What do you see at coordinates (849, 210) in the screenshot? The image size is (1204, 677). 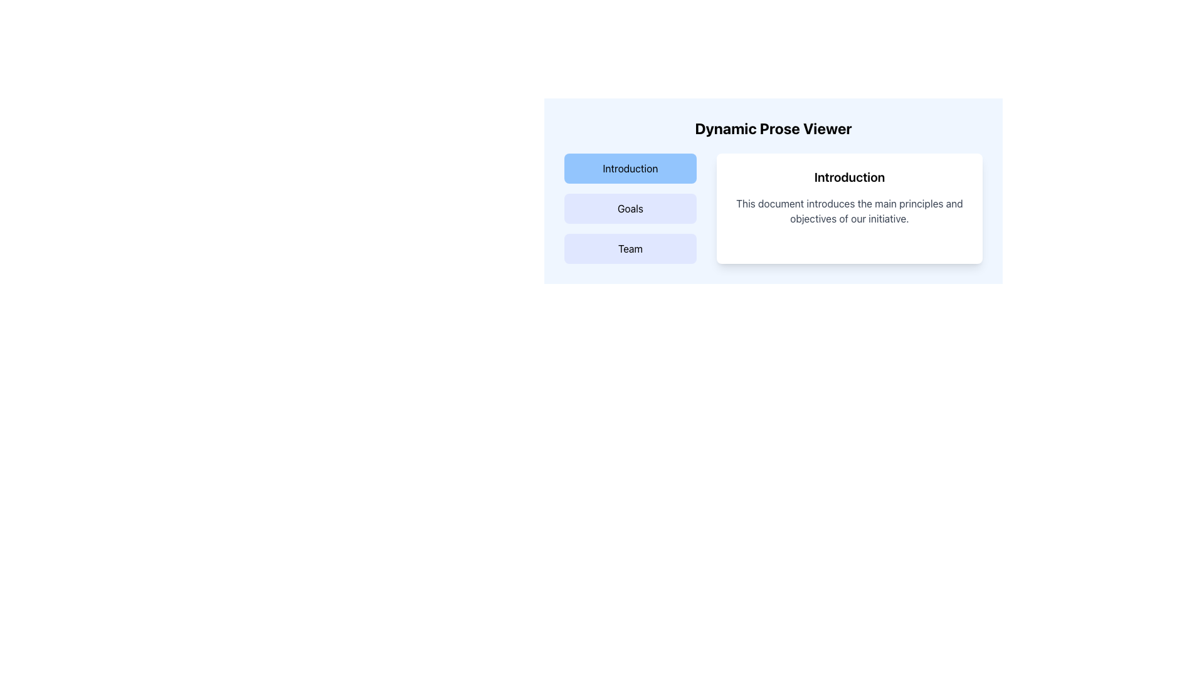 I see `paragraph of gray text located below the bold header 'Introduction' within the white rectangular card` at bounding box center [849, 210].